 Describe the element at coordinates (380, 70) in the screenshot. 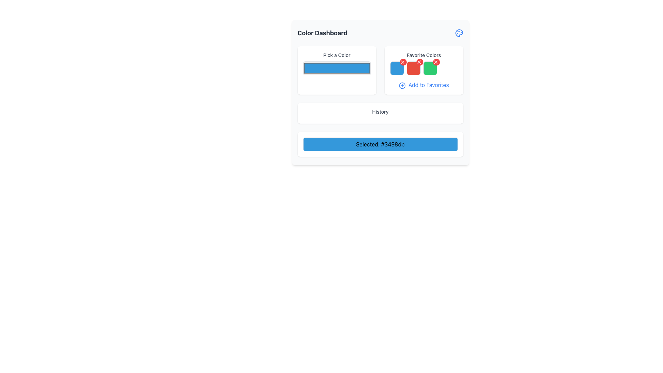

I see `the 'Add to Favorites' link located below the colored squares in the 'Favorite Colors' section of the 'Color Dashboard'` at that location.